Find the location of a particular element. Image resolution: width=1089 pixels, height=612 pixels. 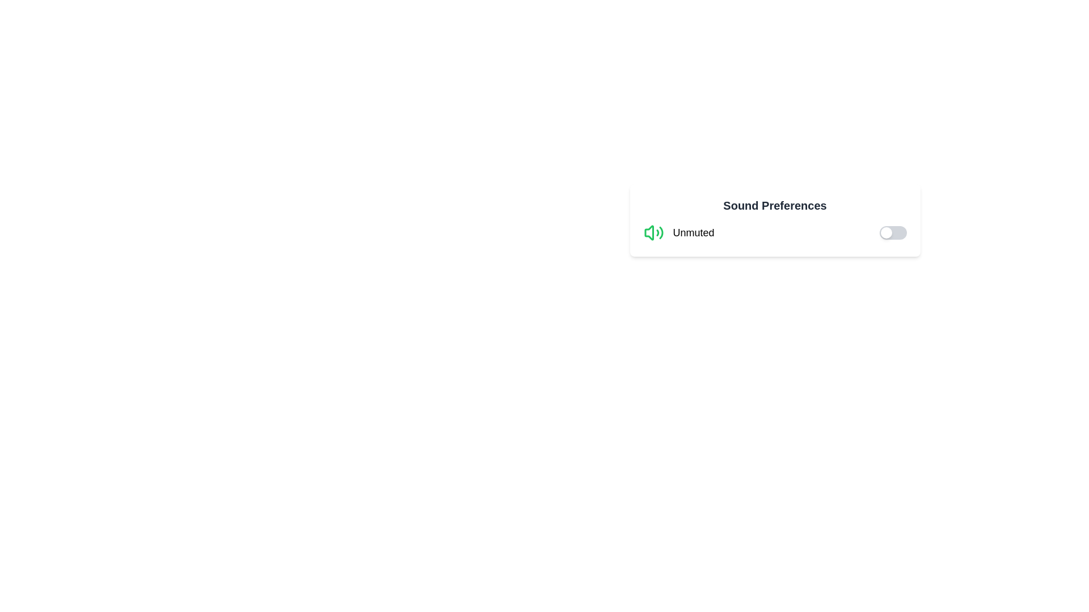

the toggle thumb horizontally is located at coordinates (885, 232).